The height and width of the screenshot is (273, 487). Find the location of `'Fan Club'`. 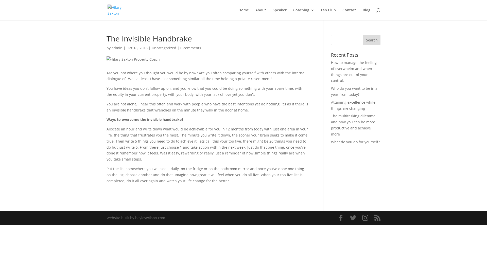

'Fan Club' is located at coordinates (328, 14).